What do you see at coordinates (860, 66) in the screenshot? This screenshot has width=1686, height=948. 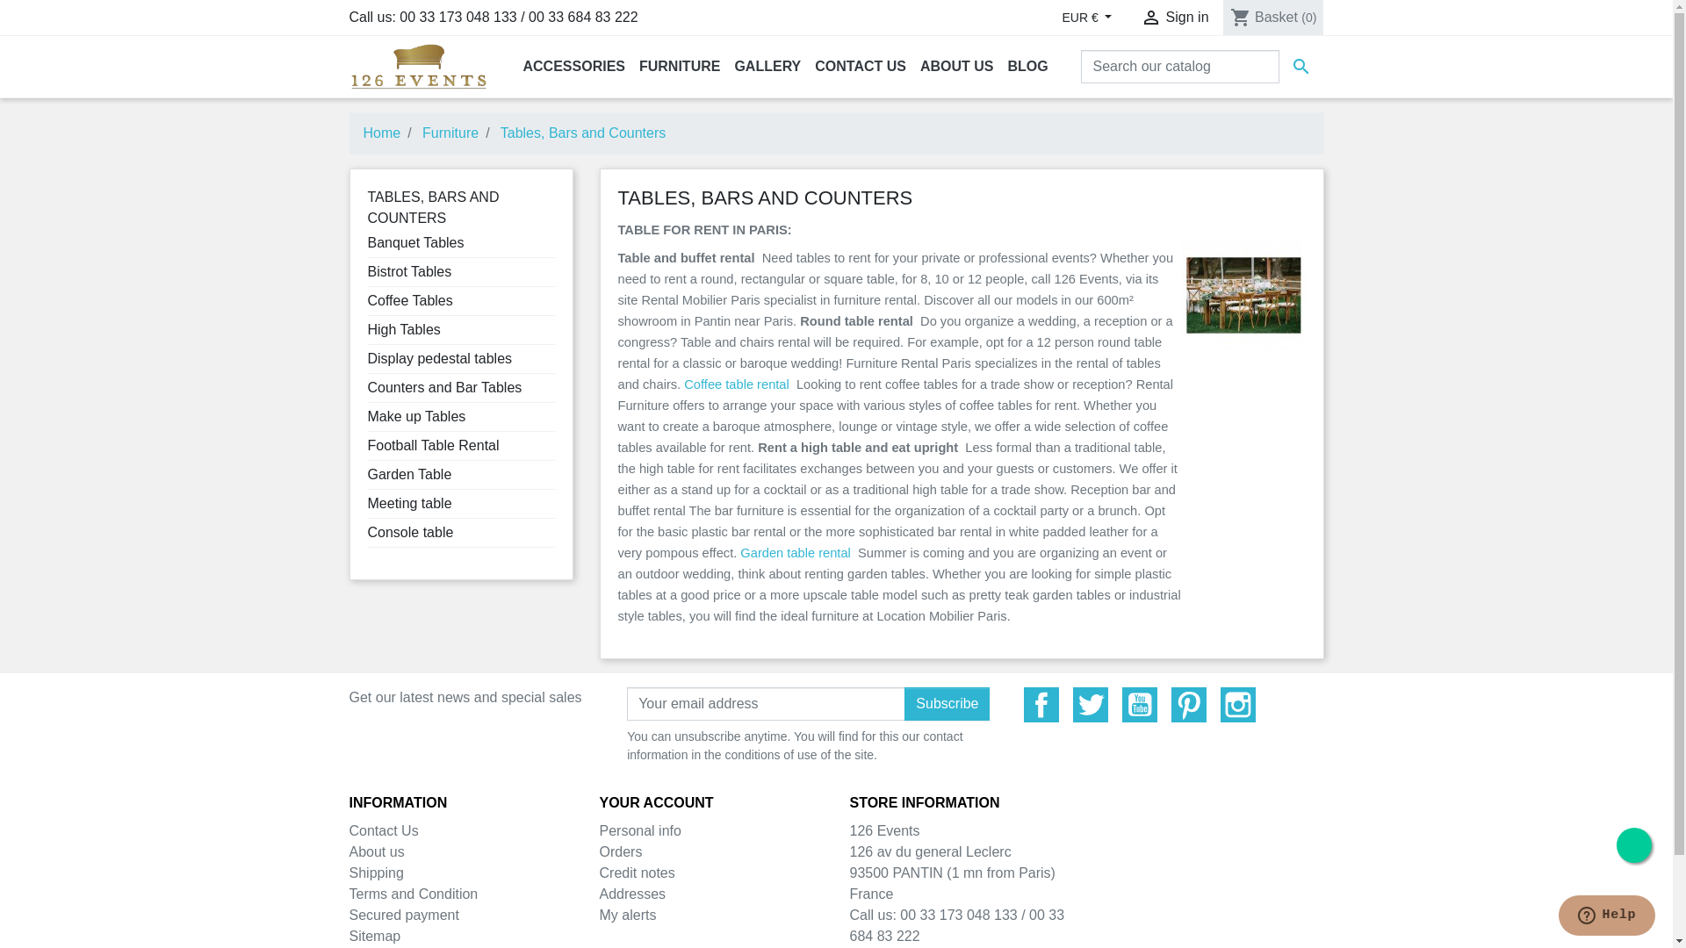 I see `'CONTACT US'` at bounding box center [860, 66].